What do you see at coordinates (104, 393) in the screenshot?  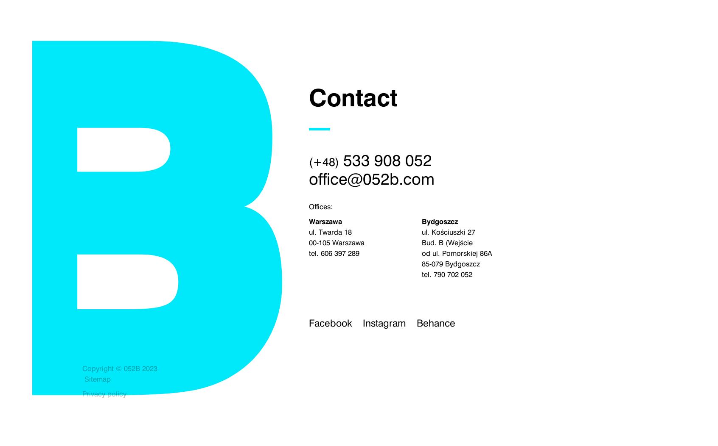 I see `'Privacy policy'` at bounding box center [104, 393].